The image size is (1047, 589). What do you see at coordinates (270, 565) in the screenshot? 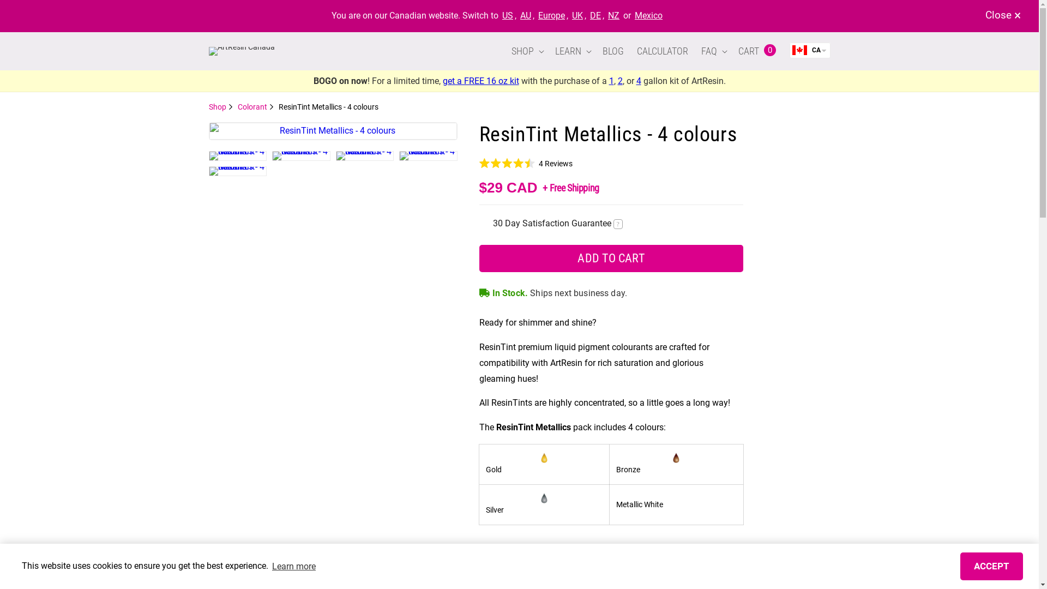
I see `'Learn more'` at bounding box center [270, 565].